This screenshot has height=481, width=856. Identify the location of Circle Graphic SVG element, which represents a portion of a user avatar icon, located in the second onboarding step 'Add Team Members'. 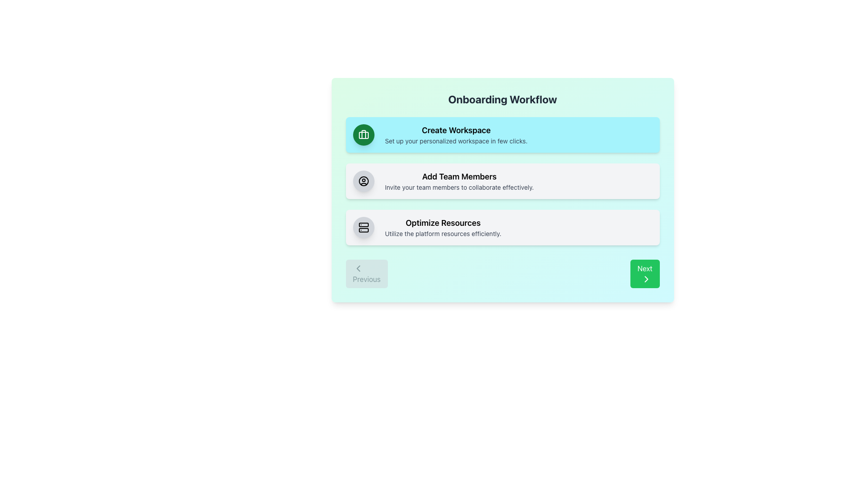
(363, 181).